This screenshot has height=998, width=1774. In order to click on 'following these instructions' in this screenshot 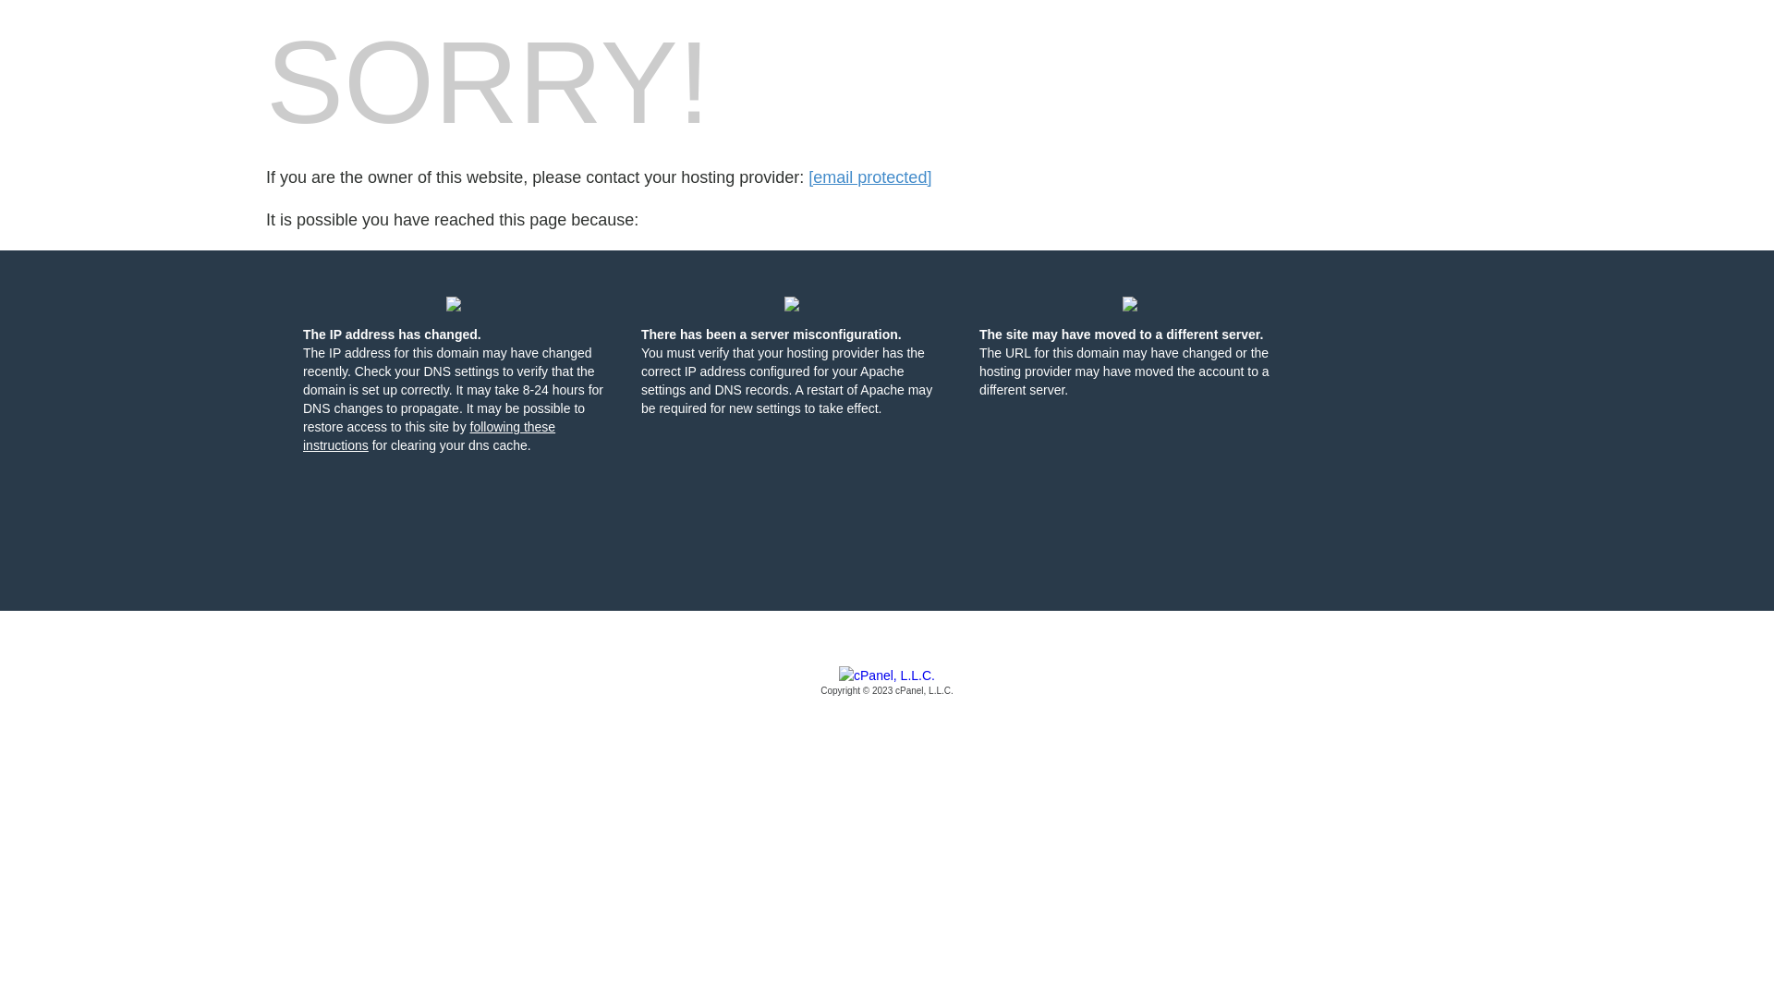, I will do `click(428, 435)`.